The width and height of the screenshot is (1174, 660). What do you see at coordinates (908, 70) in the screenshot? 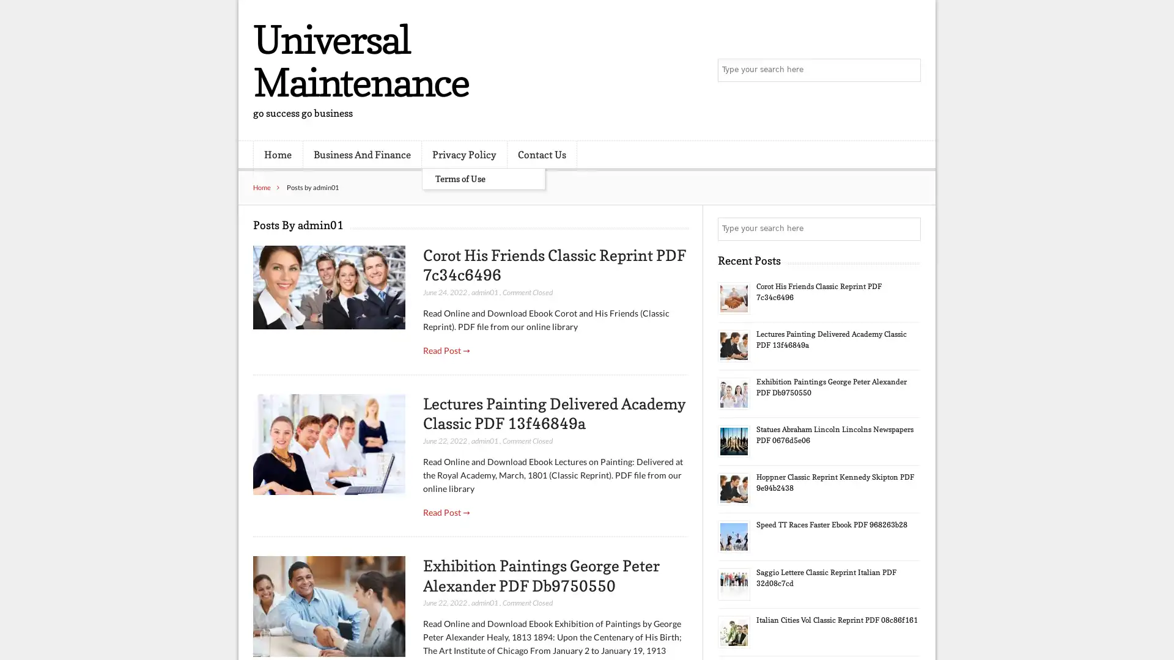
I see `Search` at bounding box center [908, 70].